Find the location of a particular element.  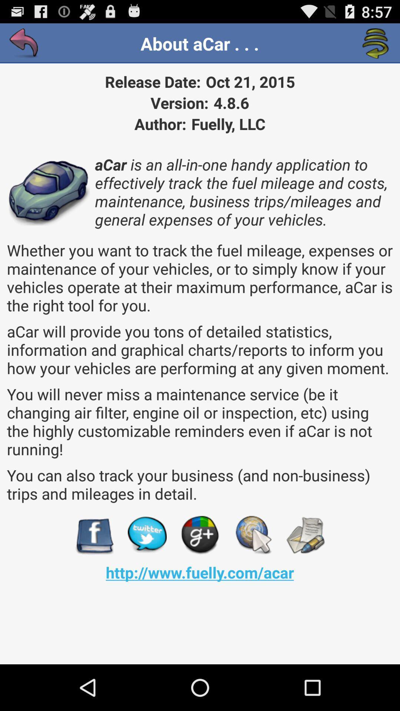

click for map is located at coordinates (252, 535).